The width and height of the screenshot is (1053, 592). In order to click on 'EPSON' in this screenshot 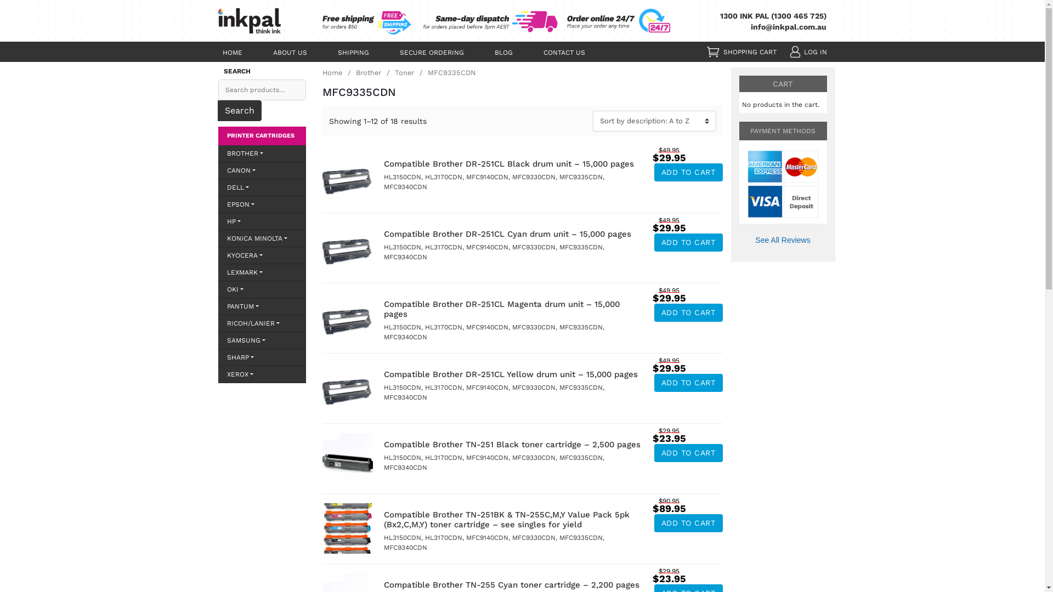, I will do `click(262, 204)`.